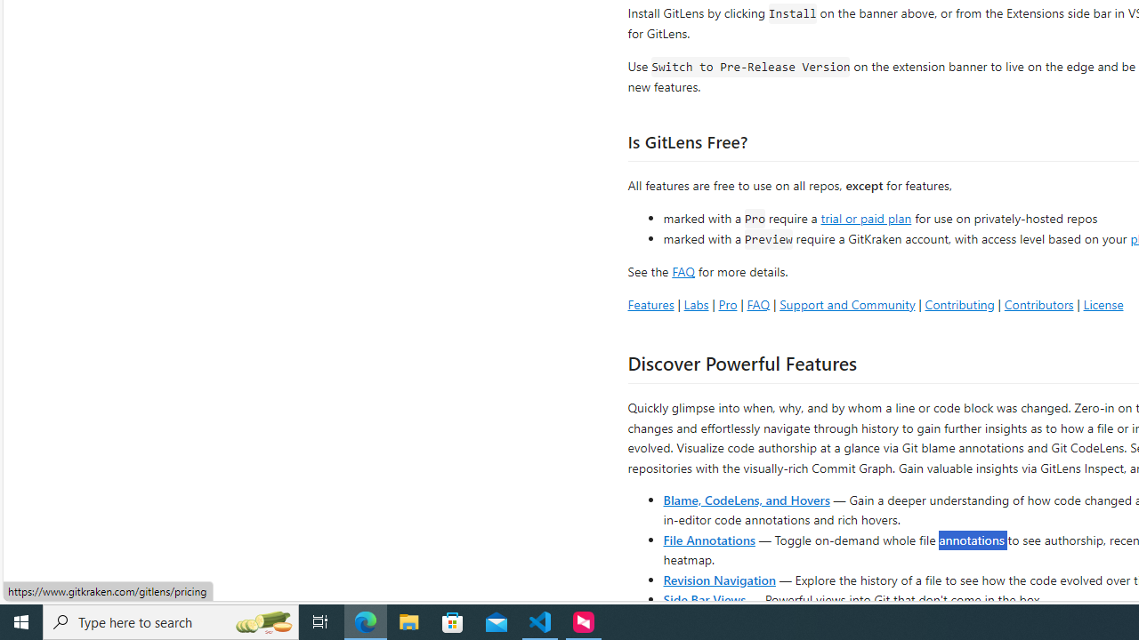 The height and width of the screenshot is (640, 1139). I want to click on 'Pro', so click(727, 303).